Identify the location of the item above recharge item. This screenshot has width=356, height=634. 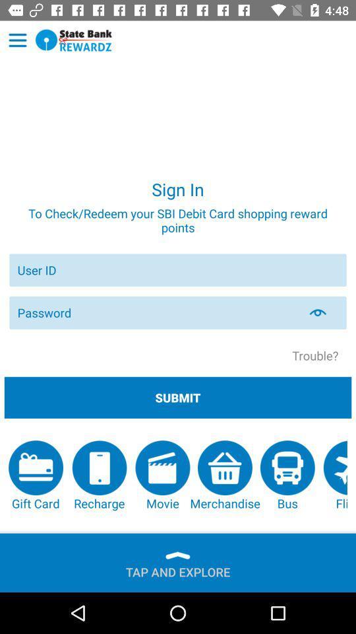
(178, 397).